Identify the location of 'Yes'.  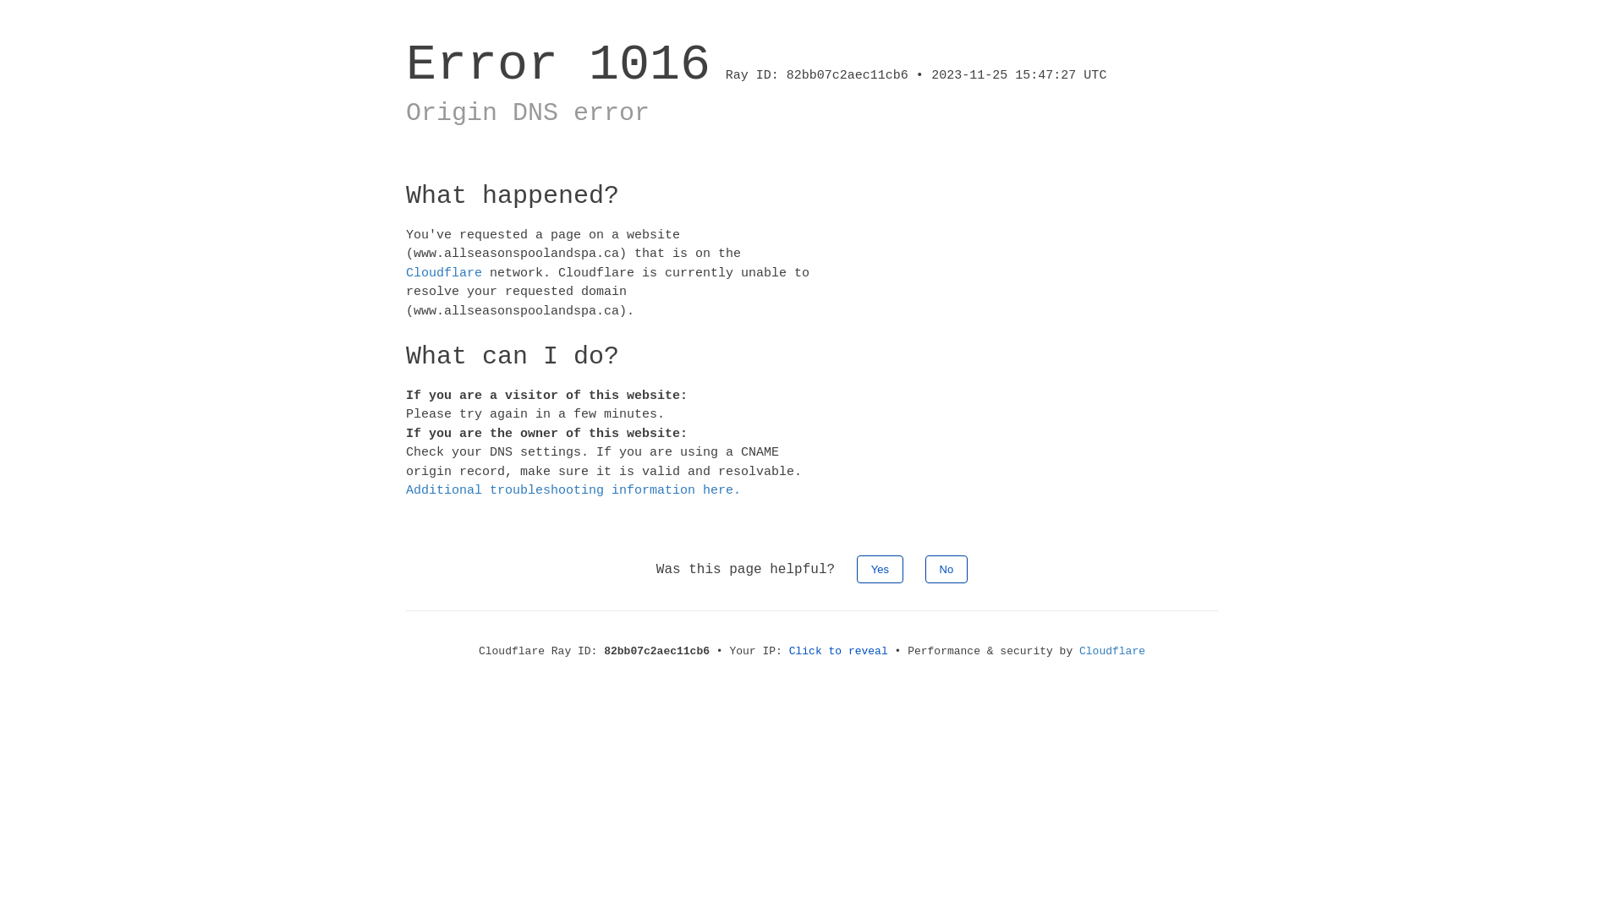
(880, 568).